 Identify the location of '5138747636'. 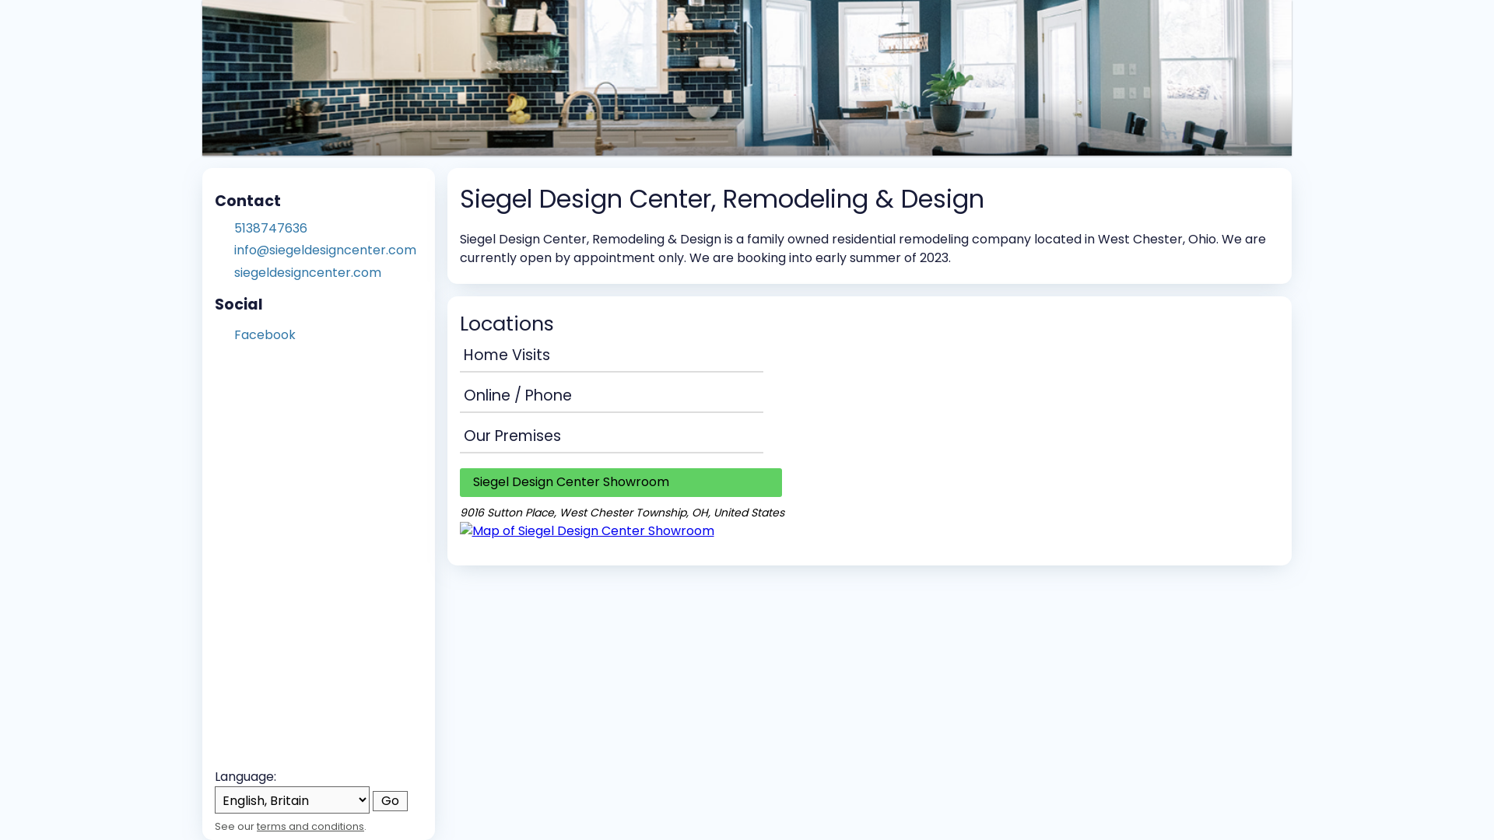
(328, 228).